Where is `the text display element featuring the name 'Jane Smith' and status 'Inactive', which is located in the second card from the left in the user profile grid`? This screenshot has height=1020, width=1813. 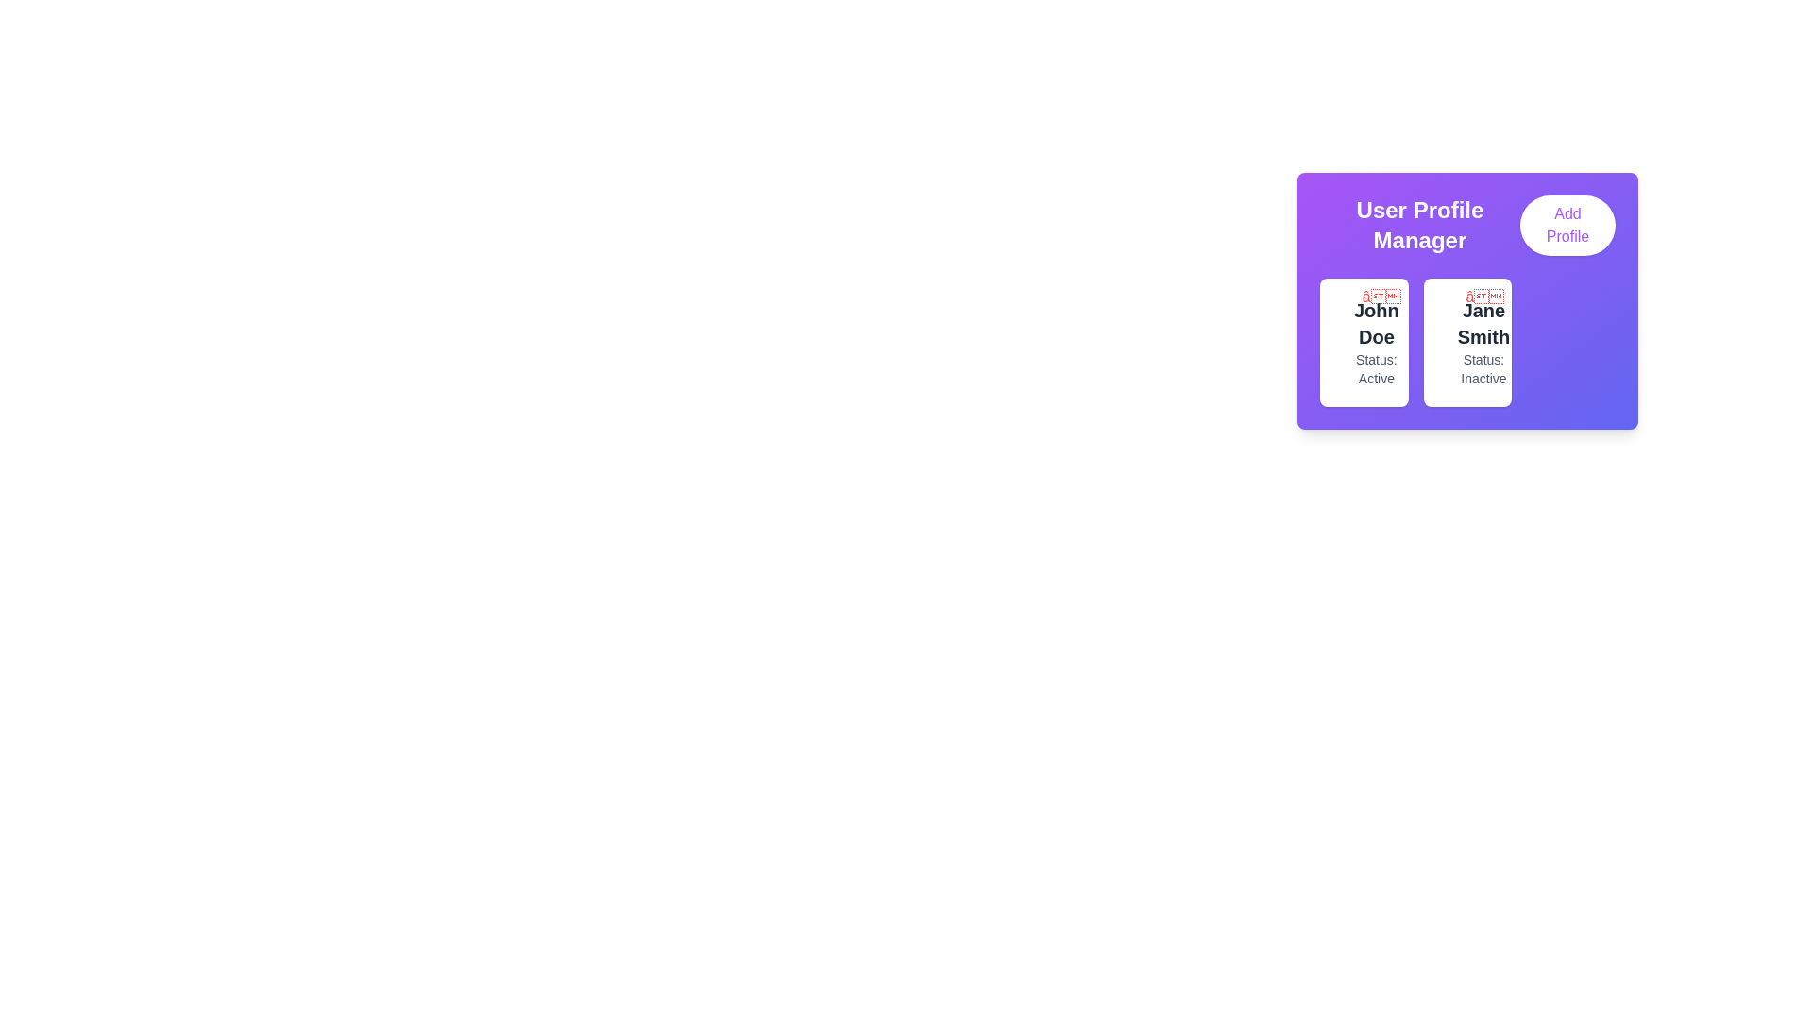
the text display element featuring the name 'Jane Smith' and status 'Inactive', which is located in the second card from the left in the user profile grid is located at coordinates (1483, 342).